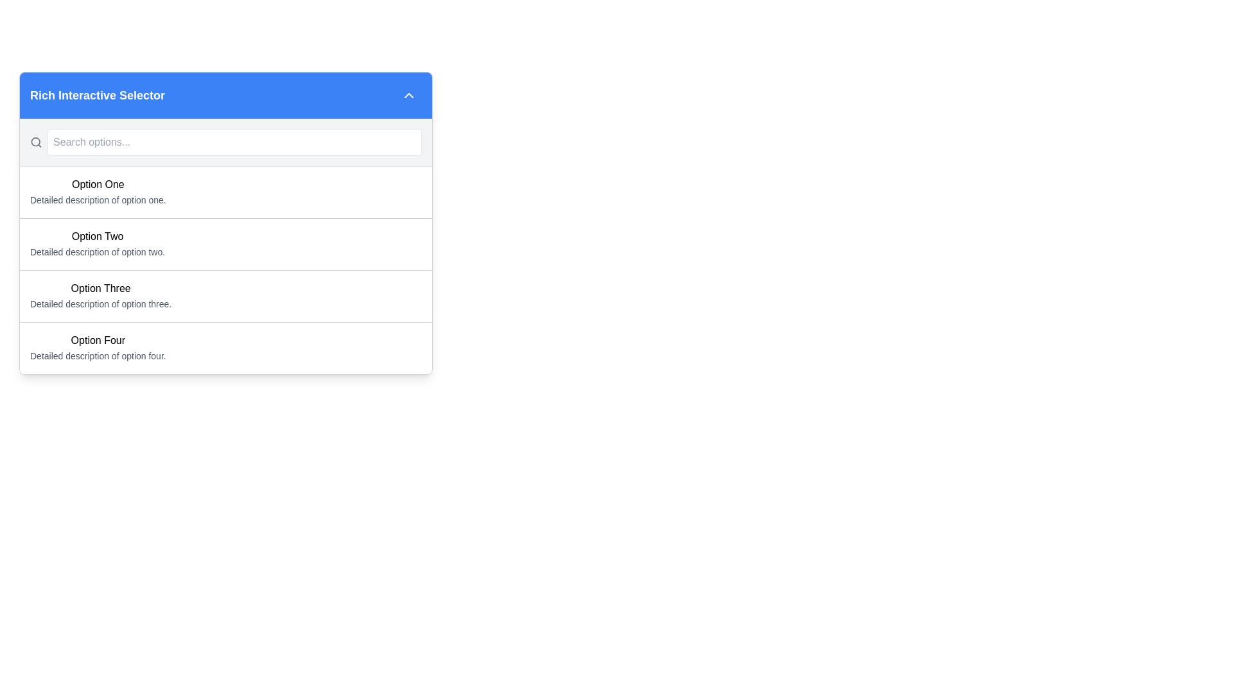 The width and height of the screenshot is (1233, 693). What do you see at coordinates (100, 289) in the screenshot?
I see `the text label for 'Option Three' to select it from the list of selectable items` at bounding box center [100, 289].